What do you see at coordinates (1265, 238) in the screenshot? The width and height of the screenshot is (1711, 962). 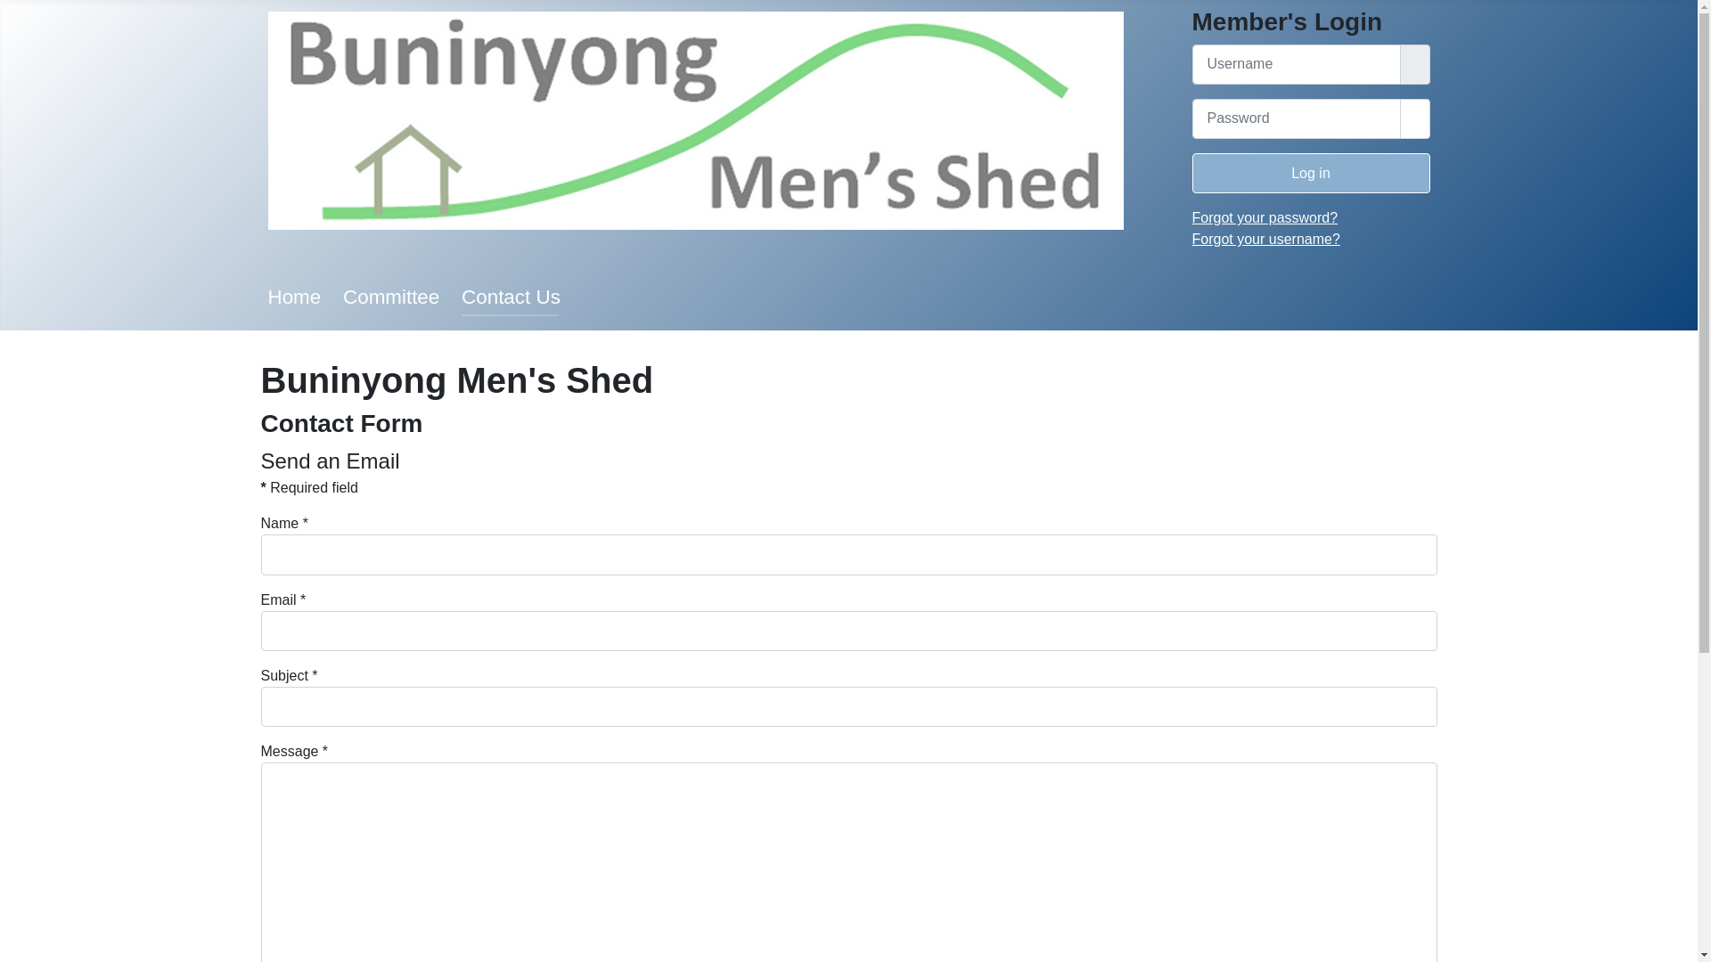 I see `'Forgot your username?'` at bounding box center [1265, 238].